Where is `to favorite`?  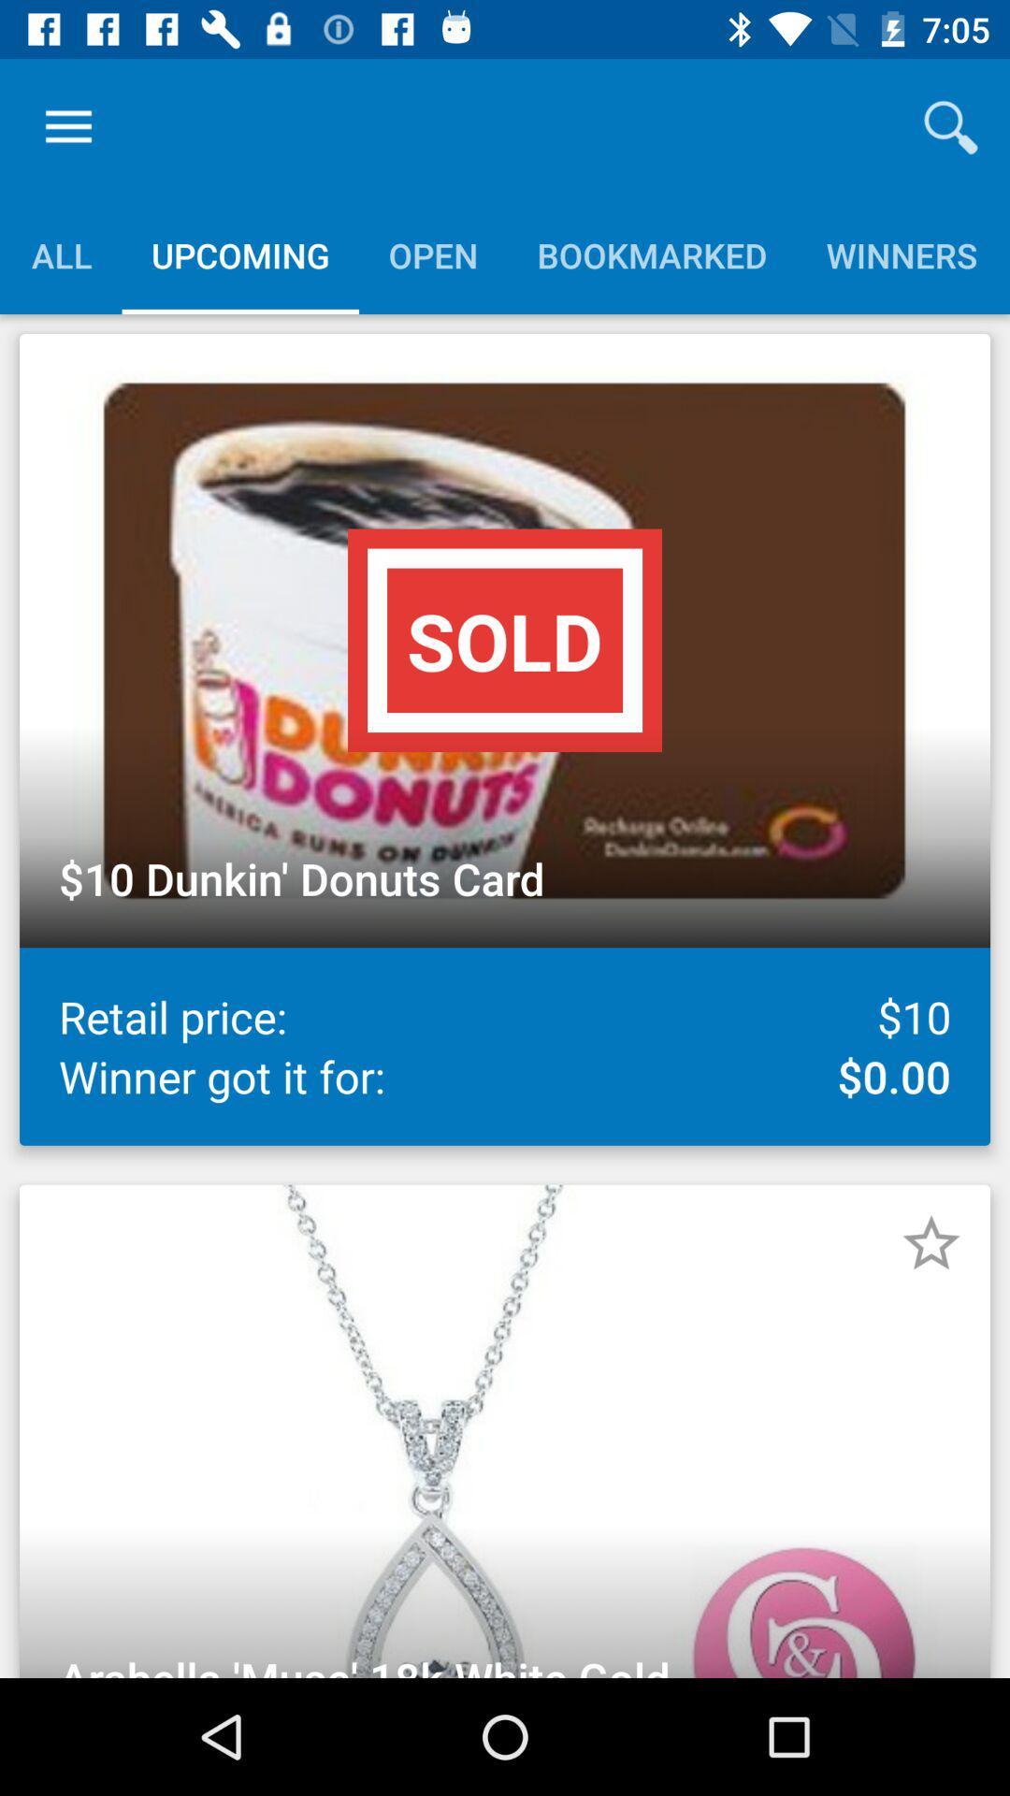 to favorite is located at coordinates (931, 1243).